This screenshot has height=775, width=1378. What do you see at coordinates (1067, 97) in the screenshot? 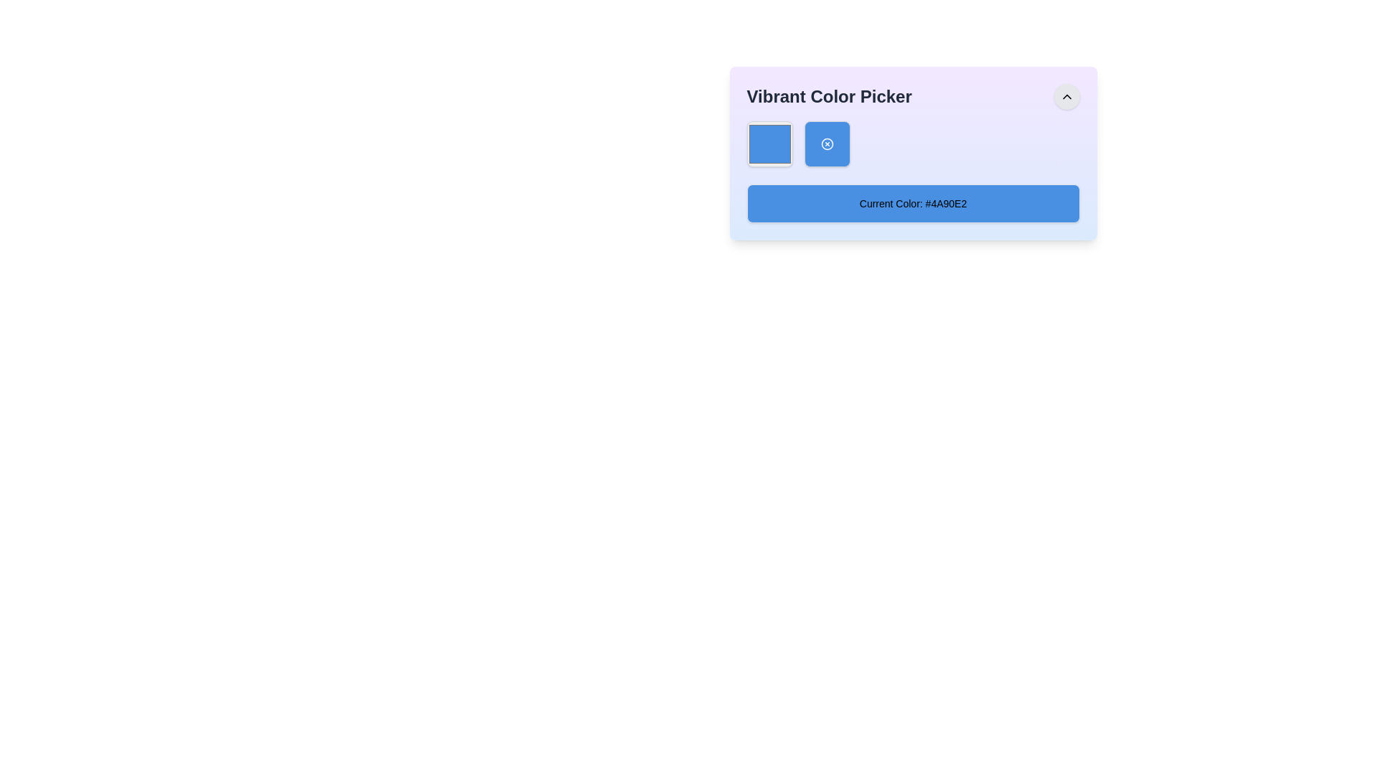
I see `the upward navigation icon located in the top-right corner of the rounded grey button` at bounding box center [1067, 97].